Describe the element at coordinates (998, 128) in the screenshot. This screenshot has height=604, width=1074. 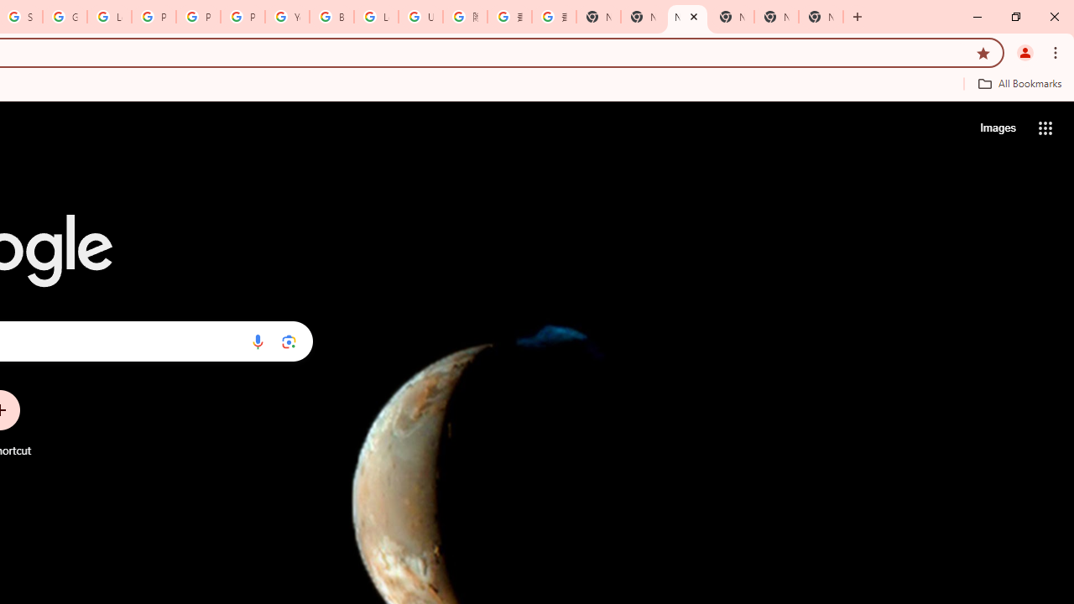
I see `'Search for Images '` at that location.